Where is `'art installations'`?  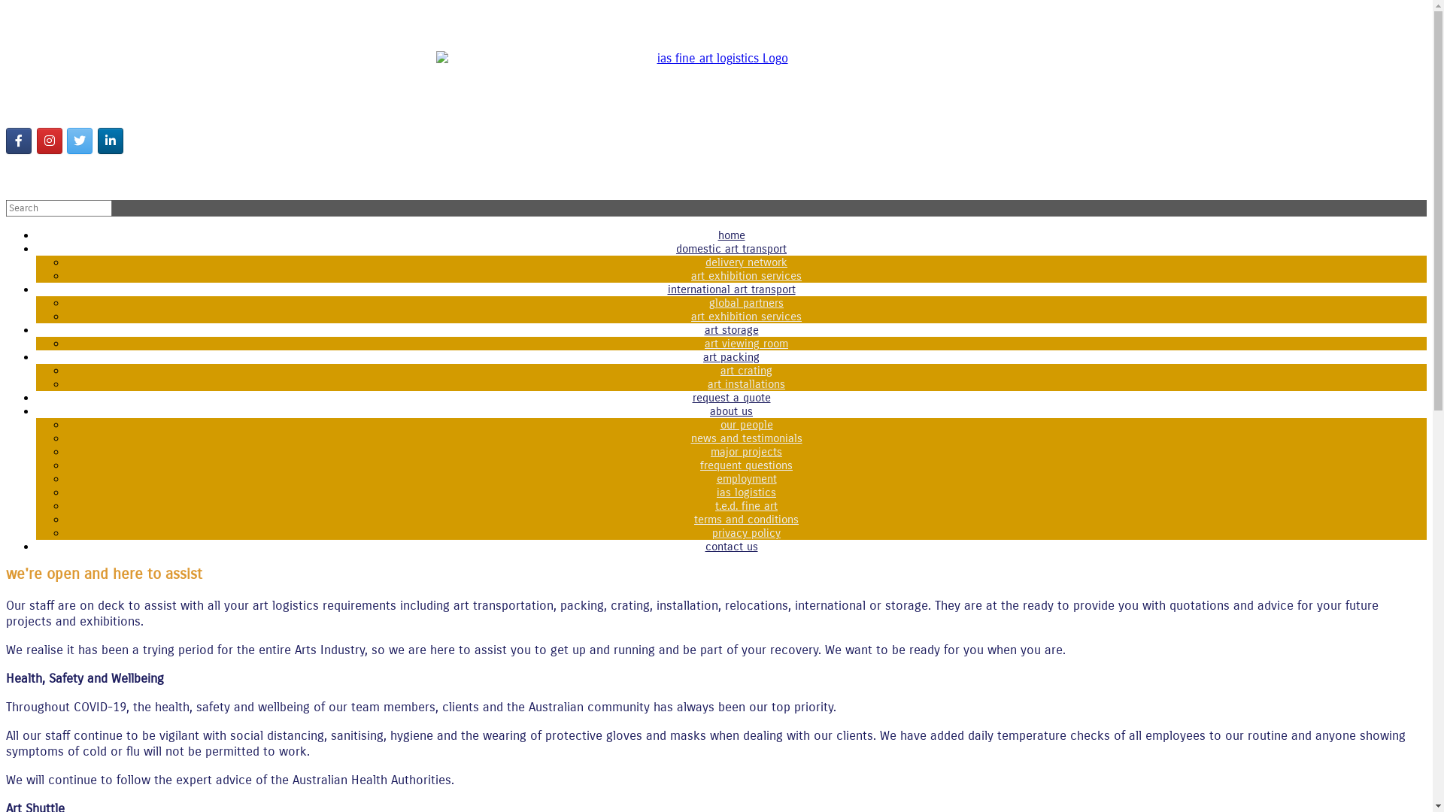
'art installations' is located at coordinates (746, 383).